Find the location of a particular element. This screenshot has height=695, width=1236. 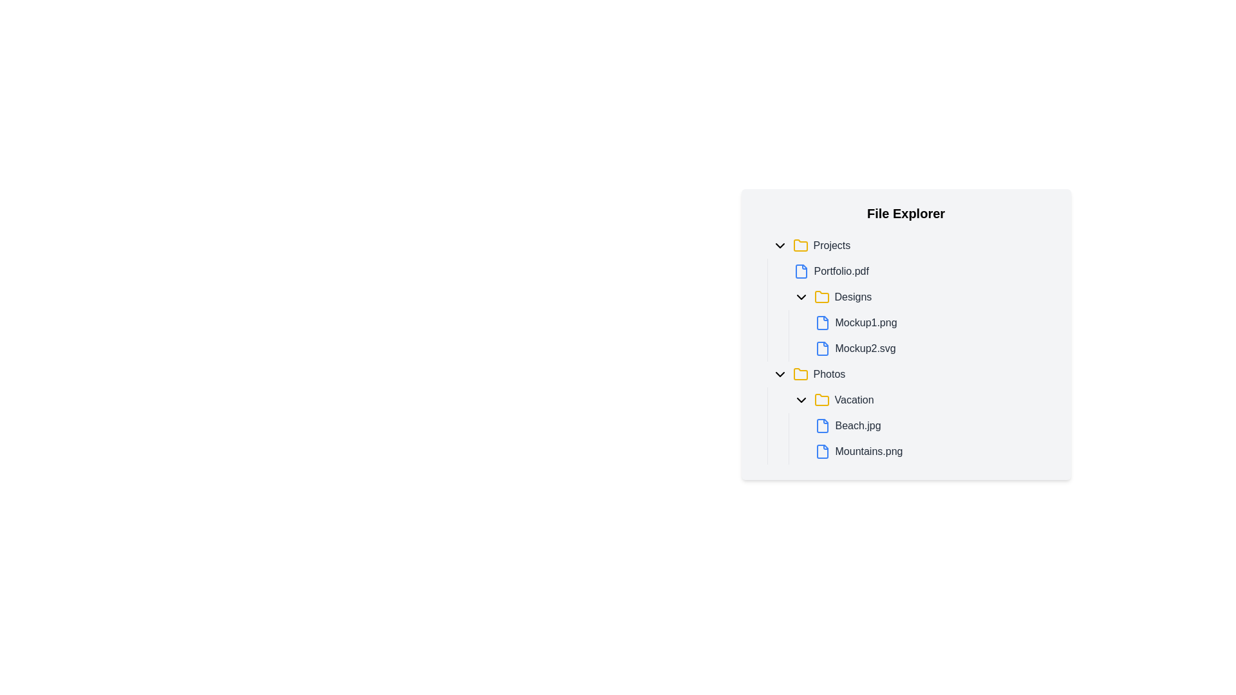

the icon representing the document file 'Beach.jpg' located in the 'File Explorer' panel within the 'Vacation' folder is located at coordinates (821, 426).